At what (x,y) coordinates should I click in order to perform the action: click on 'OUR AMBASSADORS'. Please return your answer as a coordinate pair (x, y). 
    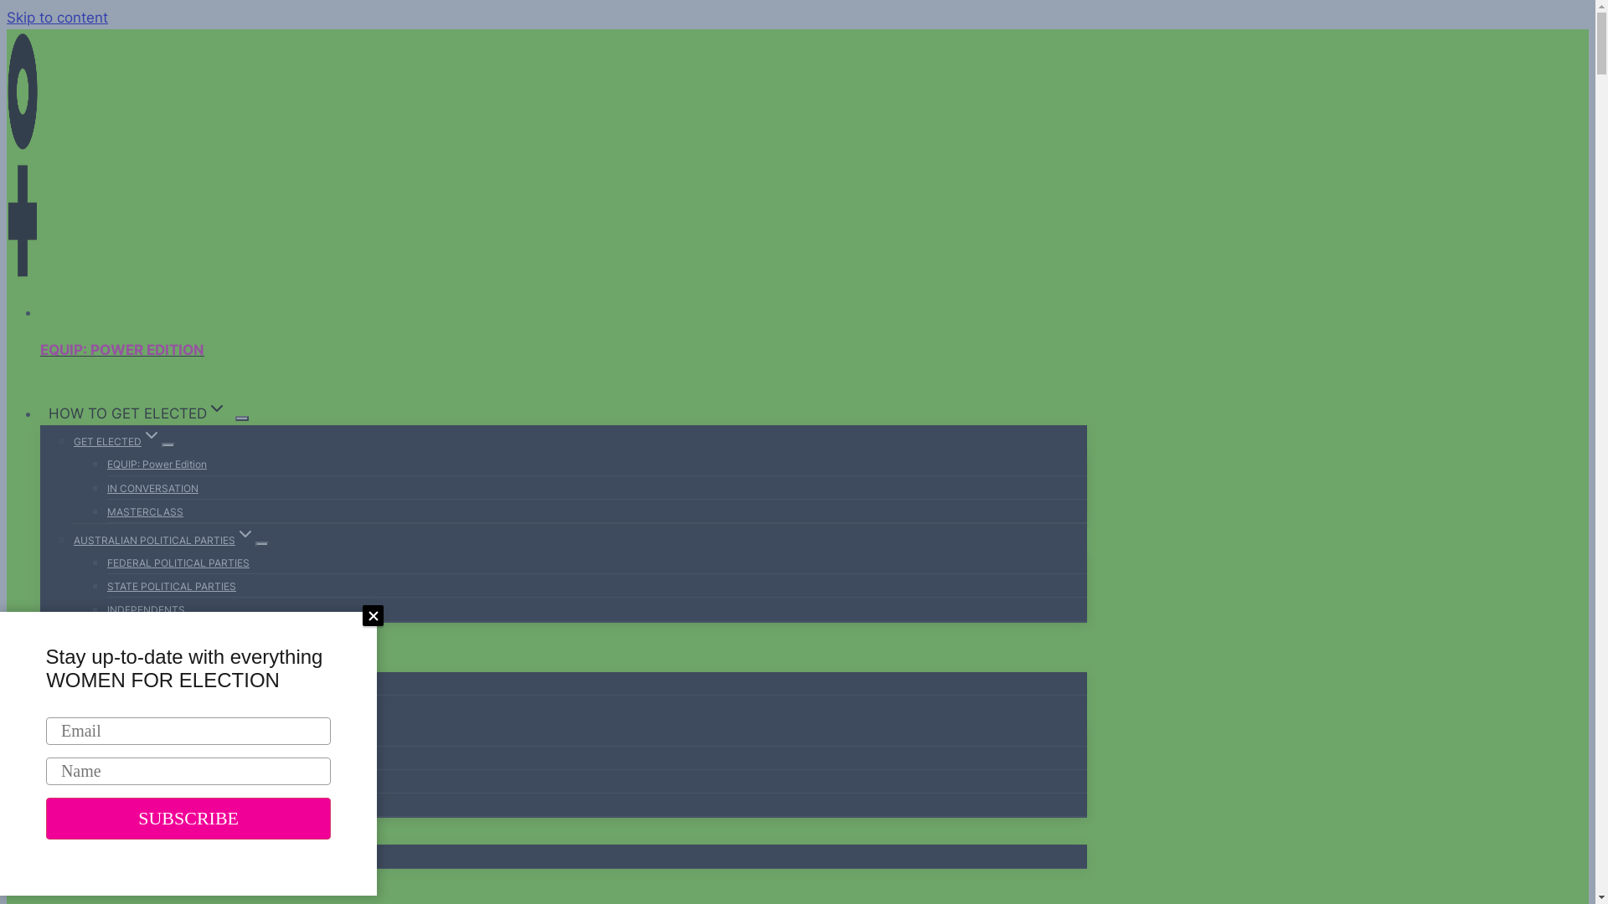
    Looking at the image, I should click on (157, 804).